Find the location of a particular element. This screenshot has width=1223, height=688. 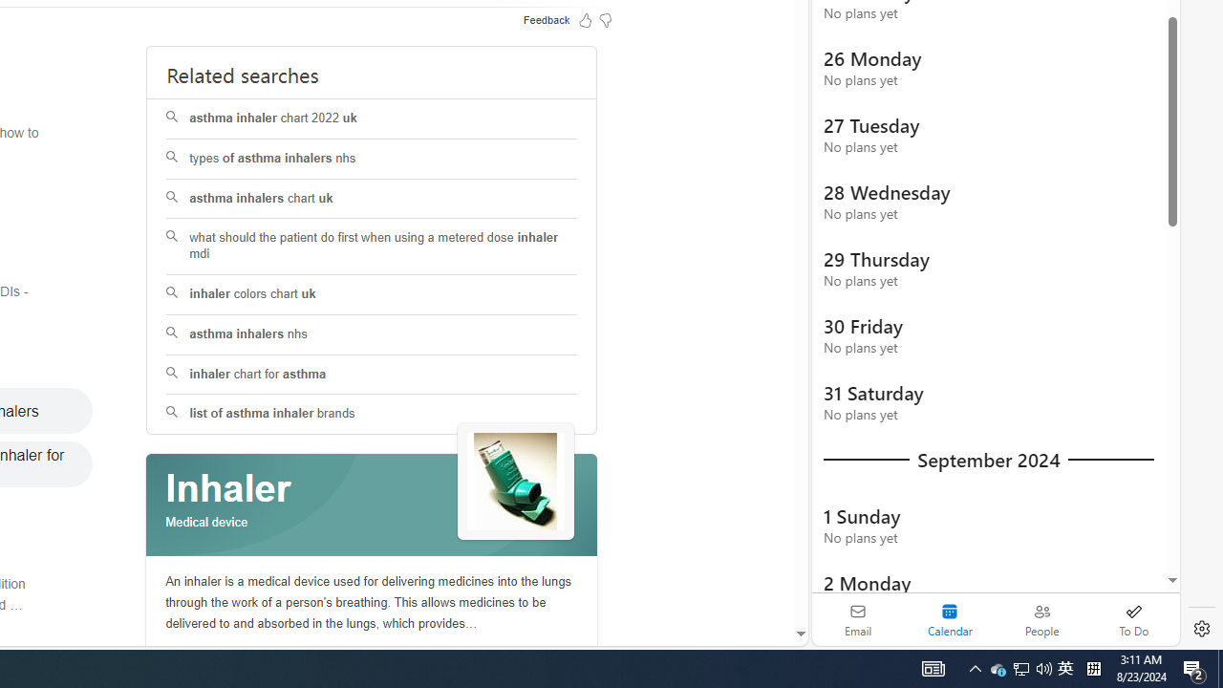

'asthma inhalers chart uk' is located at coordinates (372, 199).